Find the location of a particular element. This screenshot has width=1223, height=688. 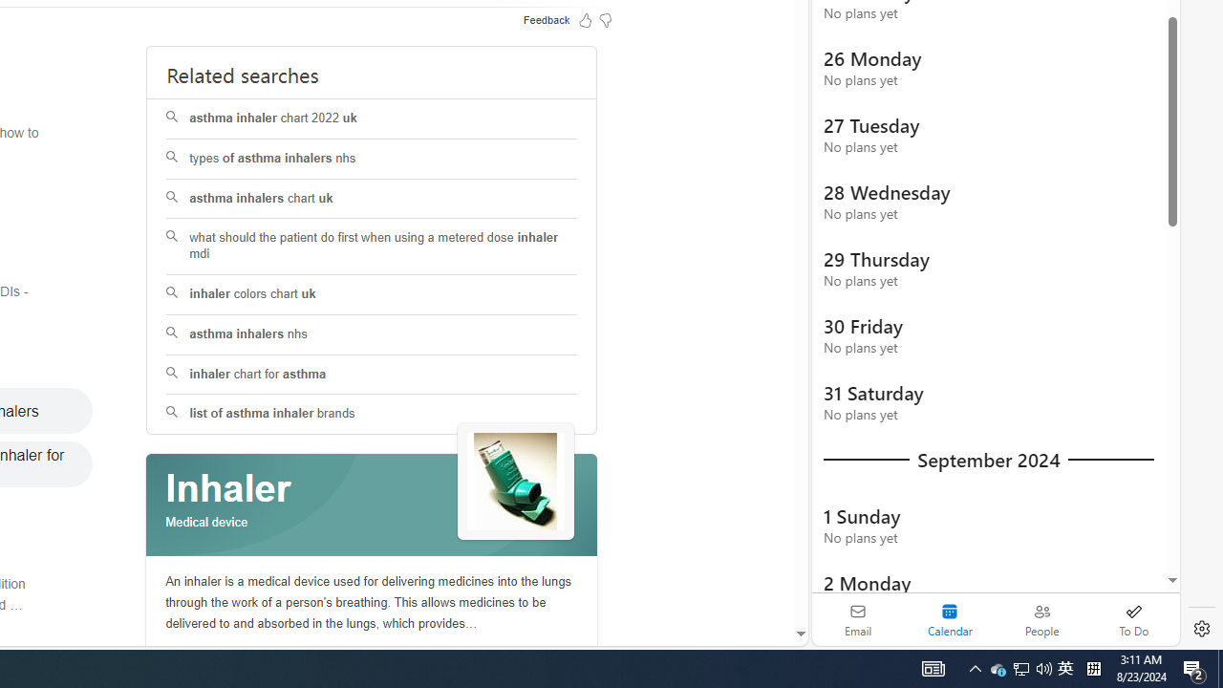

'asthma inhalers chart uk' is located at coordinates (372, 199).